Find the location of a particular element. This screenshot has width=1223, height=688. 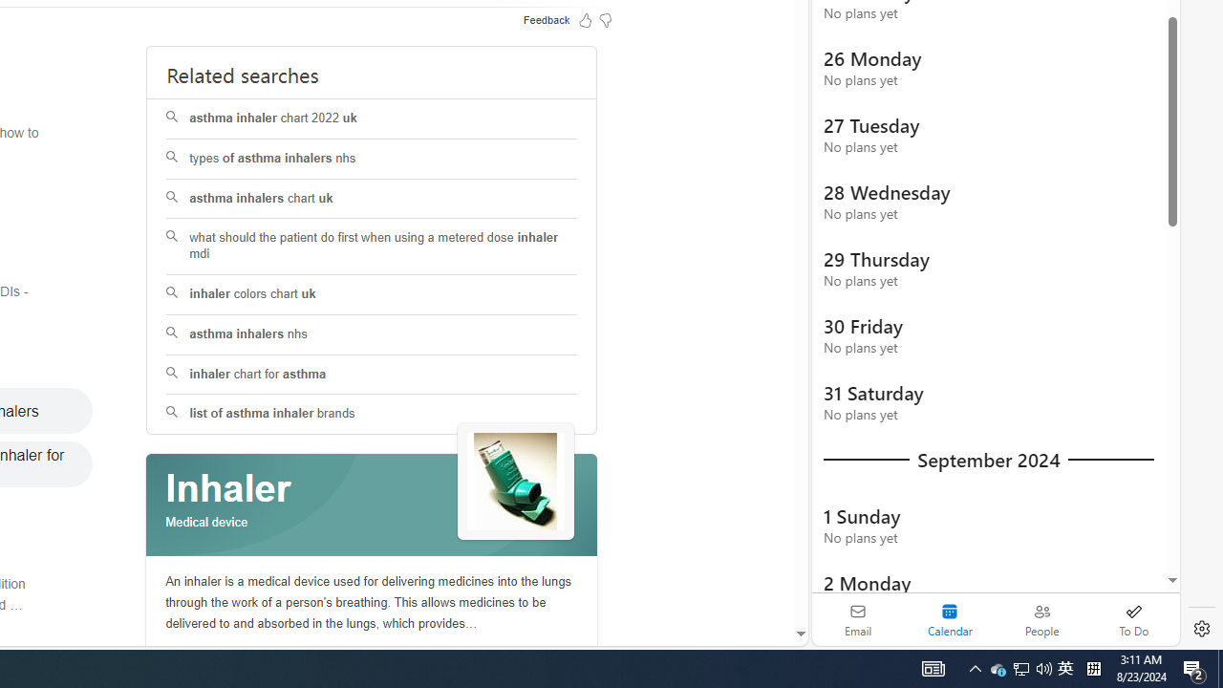

'asthma inhalers chart uk' is located at coordinates (372, 199).